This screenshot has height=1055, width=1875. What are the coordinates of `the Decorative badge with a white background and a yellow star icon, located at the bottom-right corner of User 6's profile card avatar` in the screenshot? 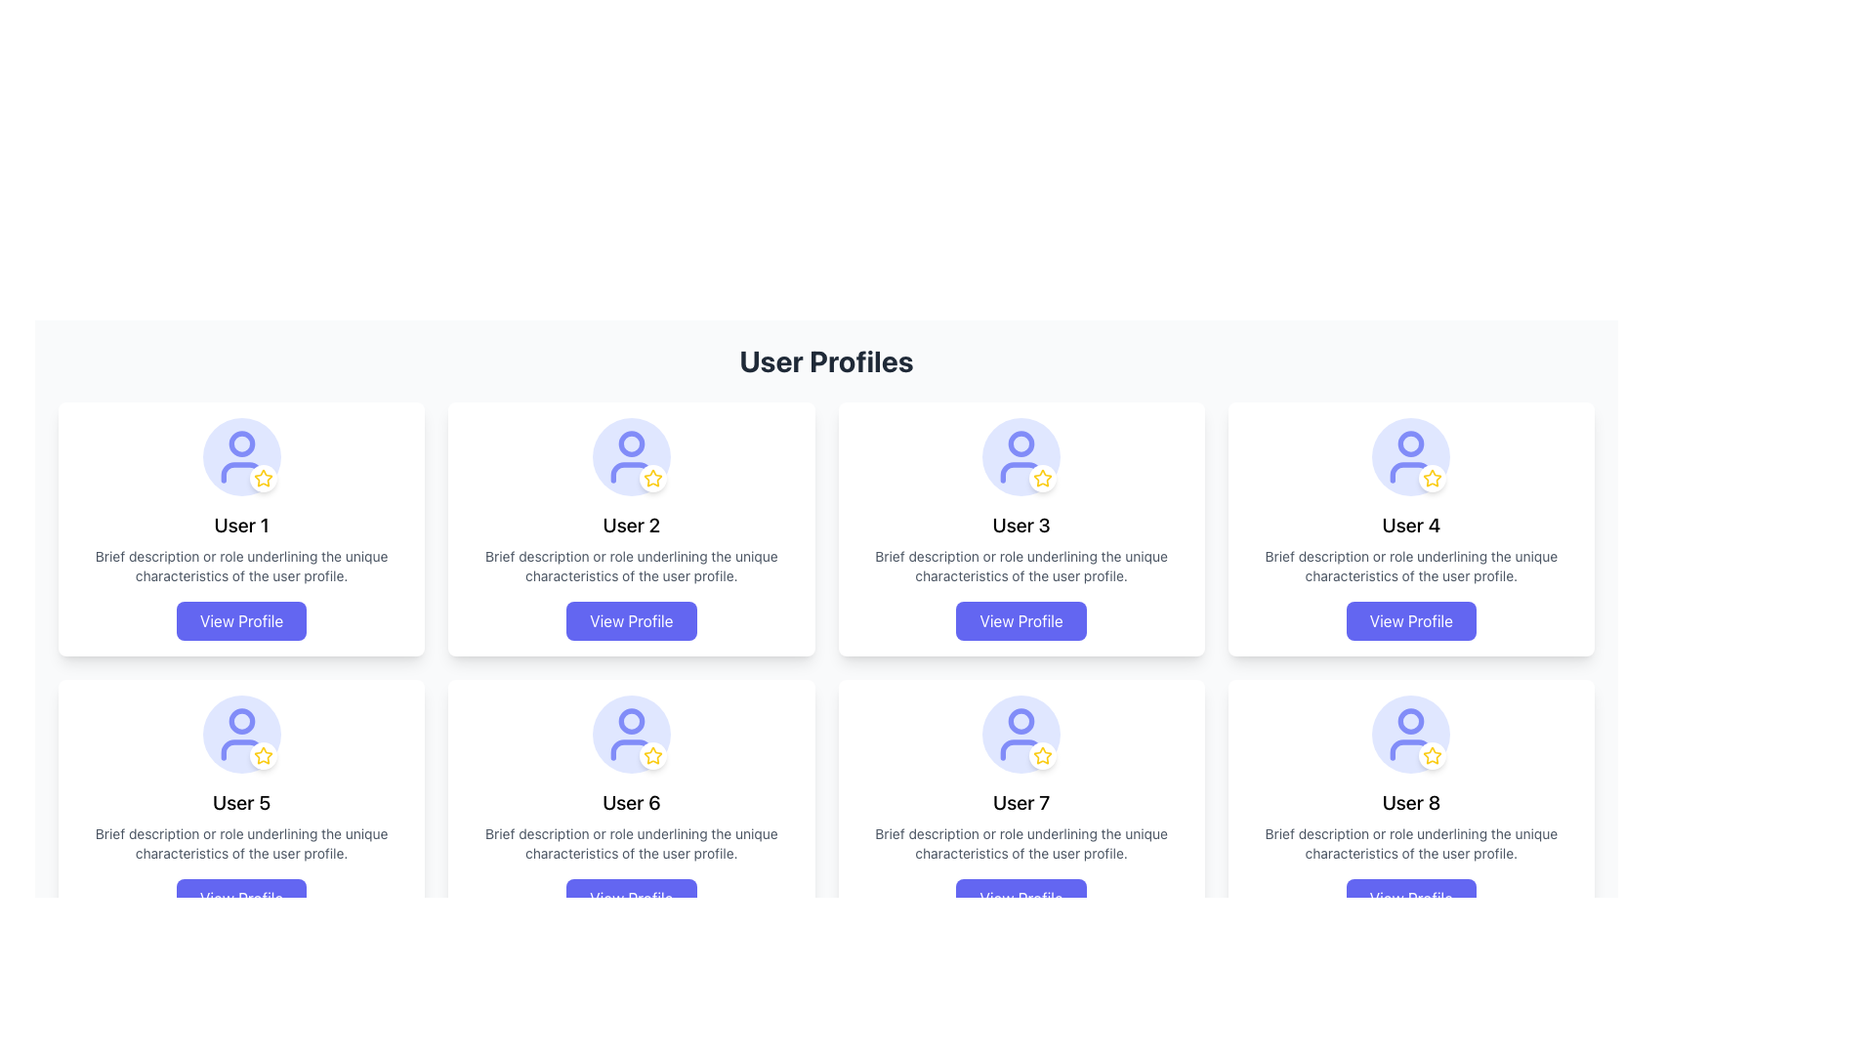 It's located at (652, 755).